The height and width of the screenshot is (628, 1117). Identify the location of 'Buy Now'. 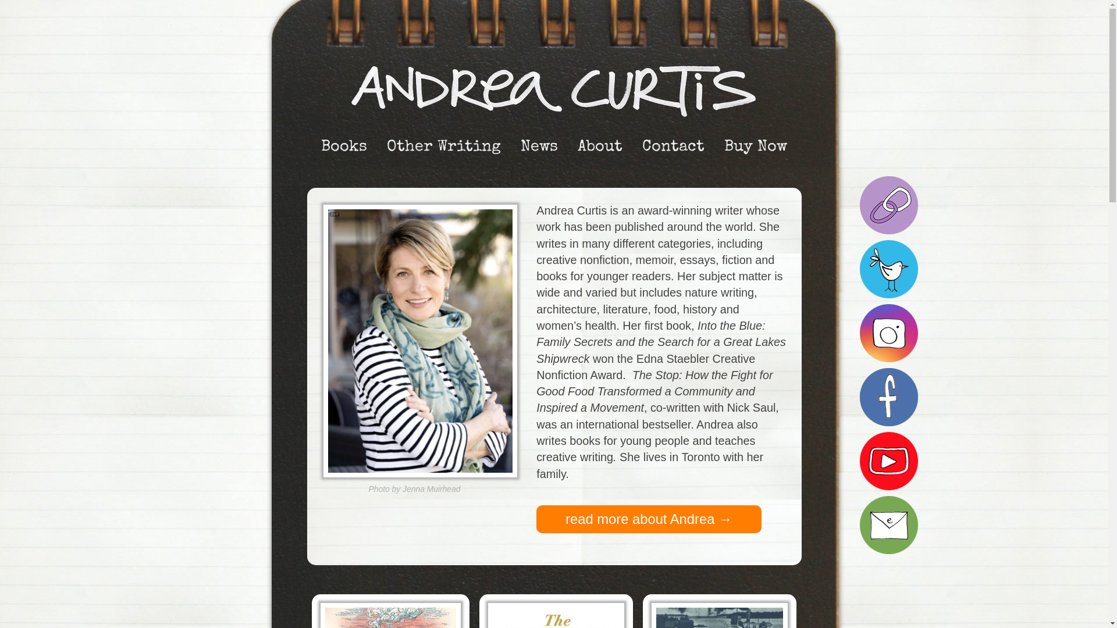
(756, 147).